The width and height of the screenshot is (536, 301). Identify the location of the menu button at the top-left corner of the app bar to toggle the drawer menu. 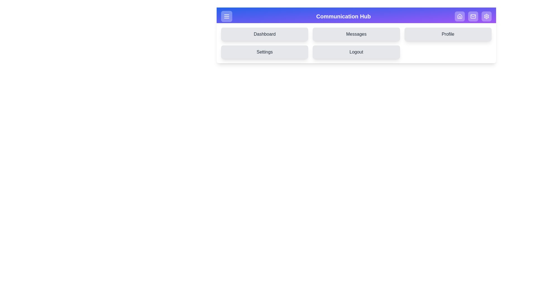
(226, 16).